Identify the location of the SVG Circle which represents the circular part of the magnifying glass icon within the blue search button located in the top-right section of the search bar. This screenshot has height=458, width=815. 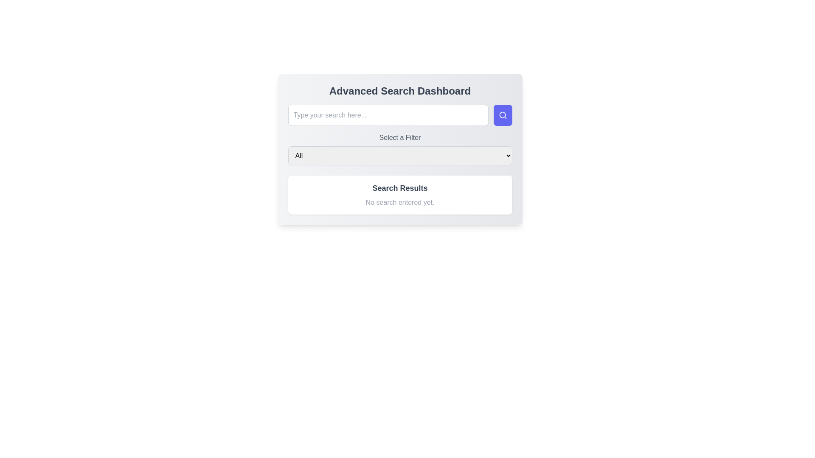
(502, 115).